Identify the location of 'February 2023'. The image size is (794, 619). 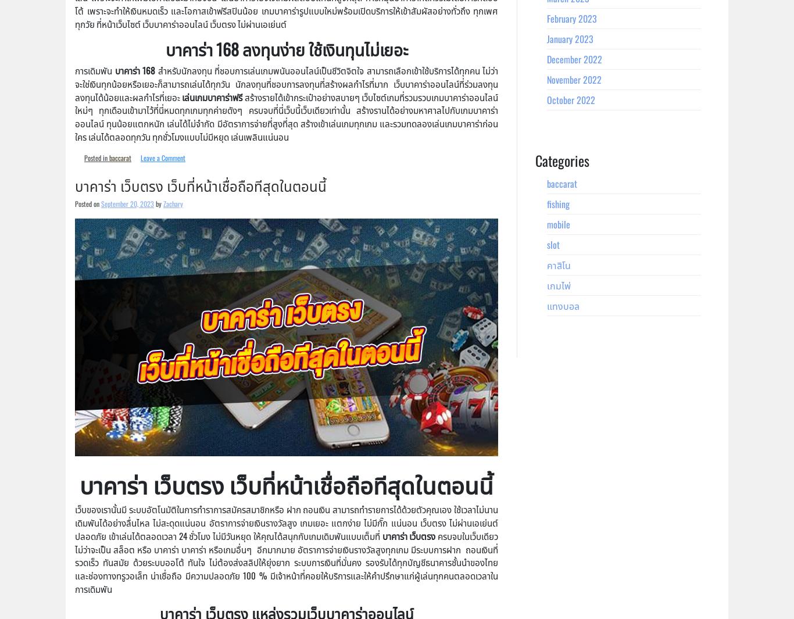
(572, 17).